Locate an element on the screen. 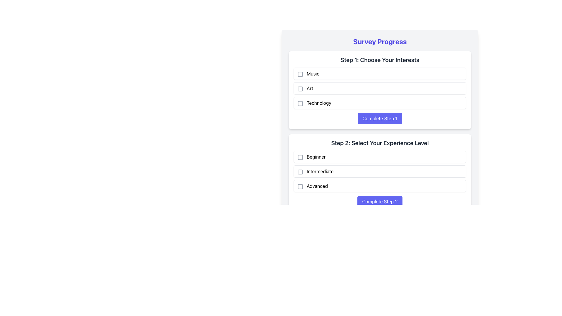 Image resolution: width=562 pixels, height=316 pixels. the text label displaying 'Step 1: Choose Your Interests', which is styled with a bold font and dark gray color, located at the top of the 'Step 1' section is located at coordinates (380, 60).